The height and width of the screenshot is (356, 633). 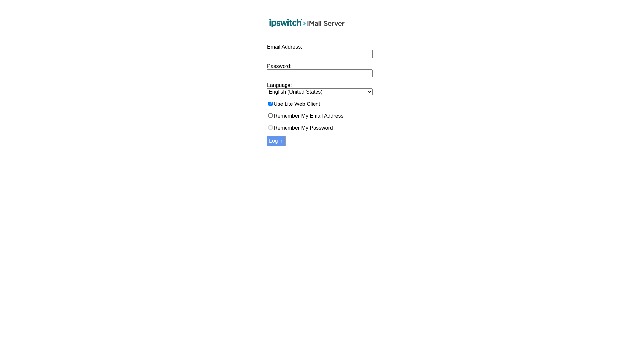 What do you see at coordinates (276, 141) in the screenshot?
I see `'Log in'` at bounding box center [276, 141].